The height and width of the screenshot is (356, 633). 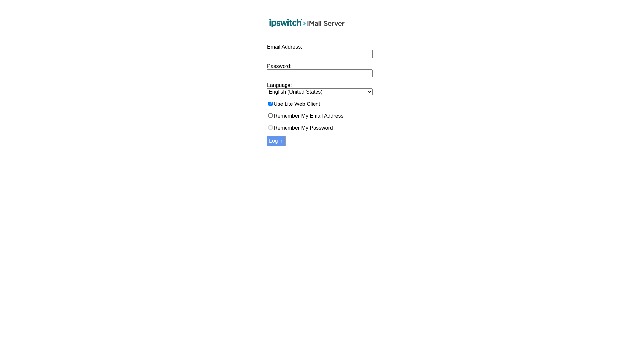 What do you see at coordinates (276, 141) in the screenshot?
I see `'Log in'` at bounding box center [276, 141].